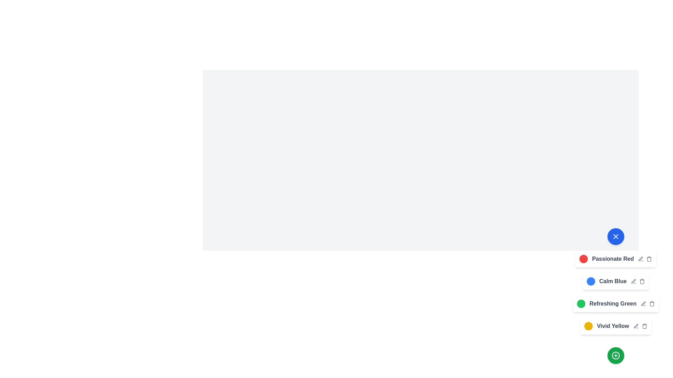 Image resolution: width=673 pixels, height=378 pixels. I want to click on the button with the 'X' icon to toggle the menu visibility, so click(615, 236).